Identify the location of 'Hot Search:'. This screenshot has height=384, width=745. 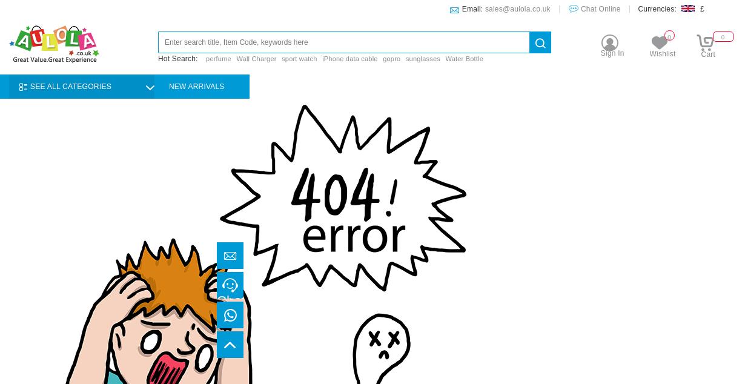
(179, 58).